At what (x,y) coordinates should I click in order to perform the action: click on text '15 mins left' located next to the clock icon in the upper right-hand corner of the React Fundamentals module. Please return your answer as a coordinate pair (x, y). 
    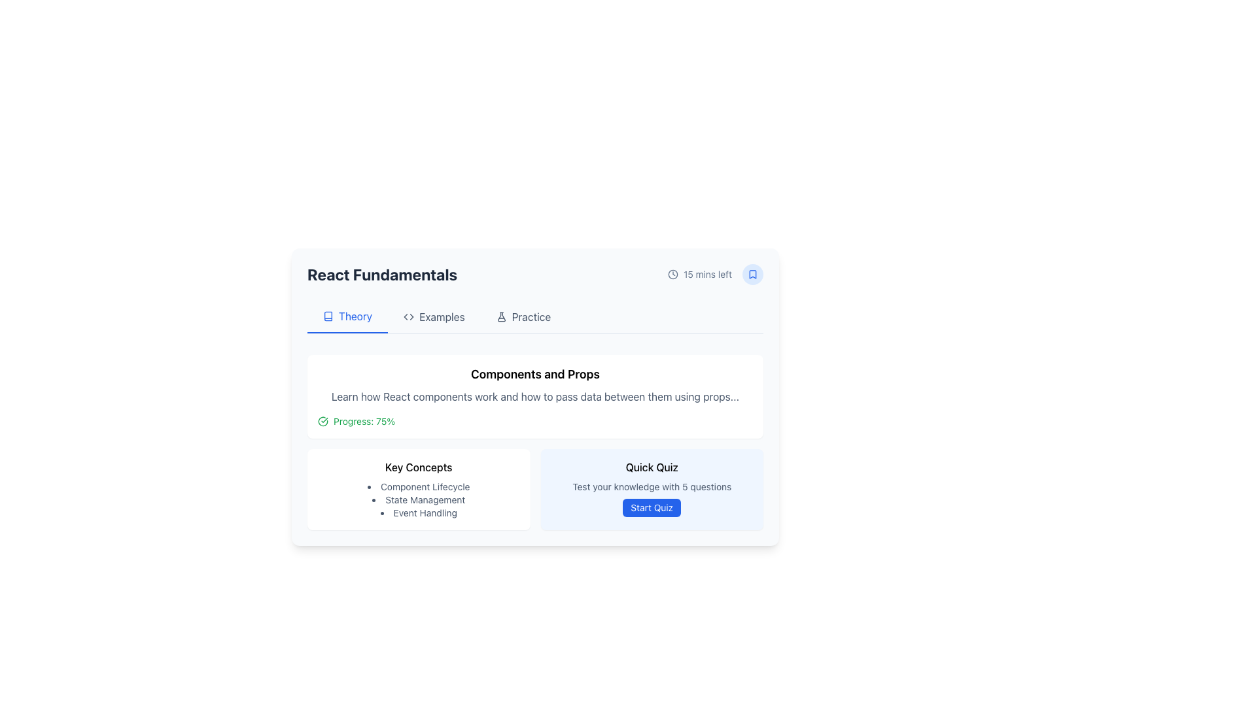
    Looking at the image, I should click on (699, 274).